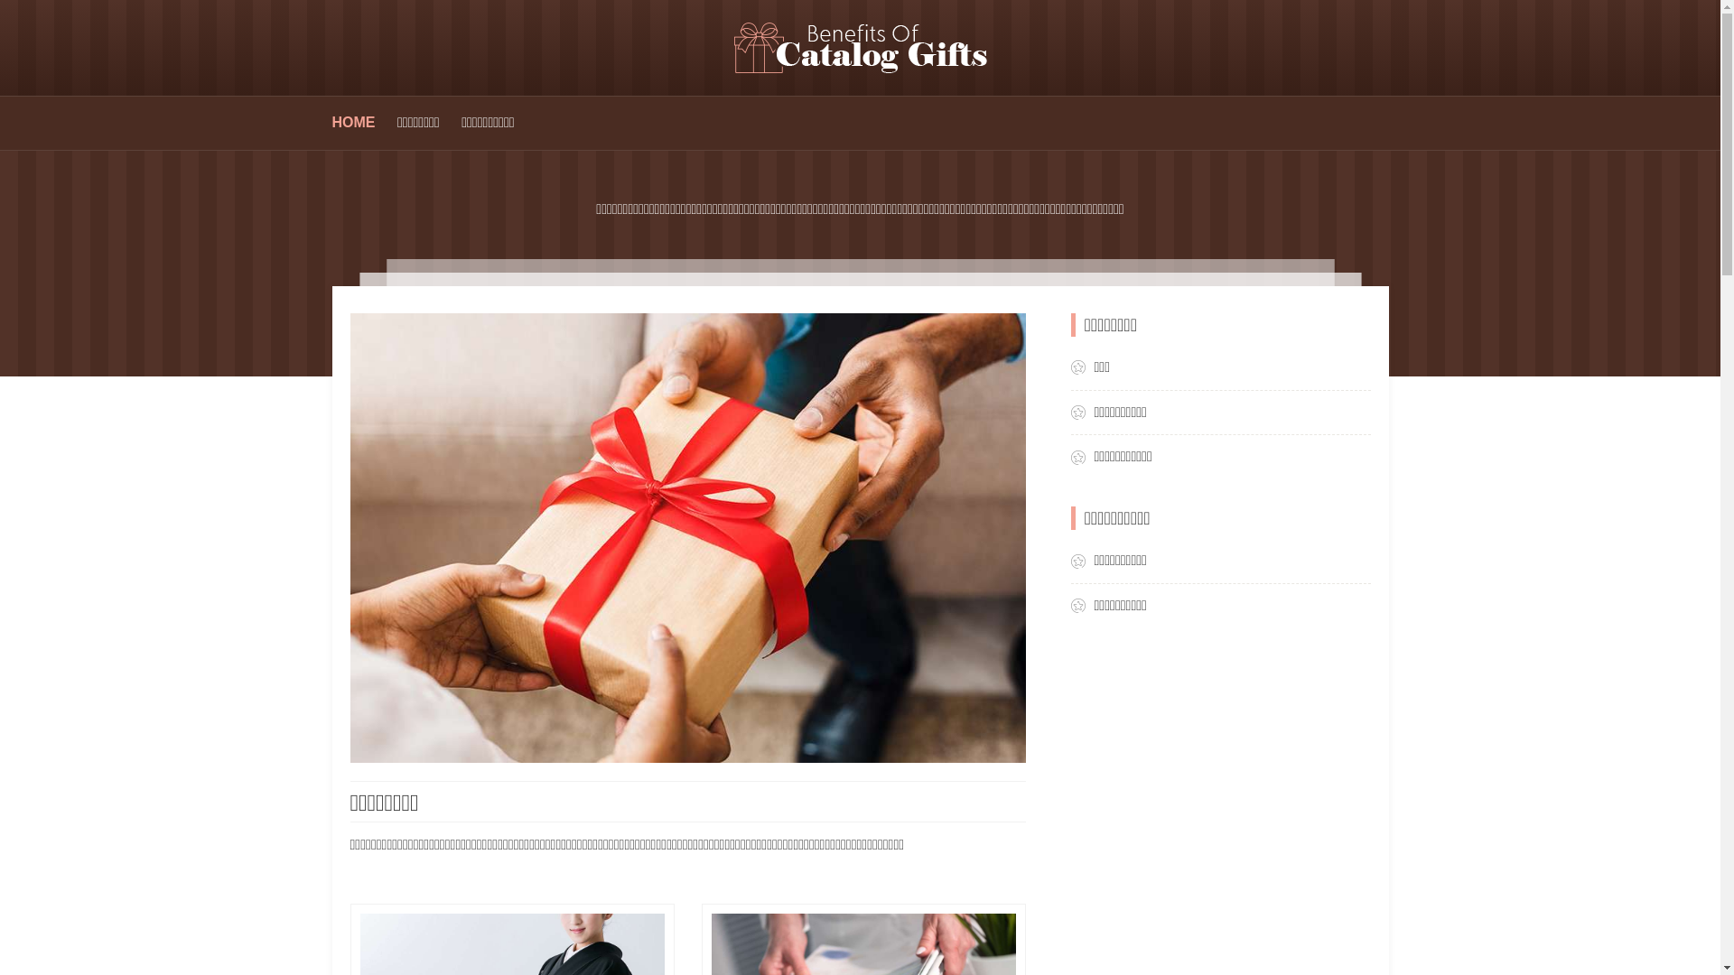  Describe the element at coordinates (354, 122) in the screenshot. I see `'HOME'` at that location.